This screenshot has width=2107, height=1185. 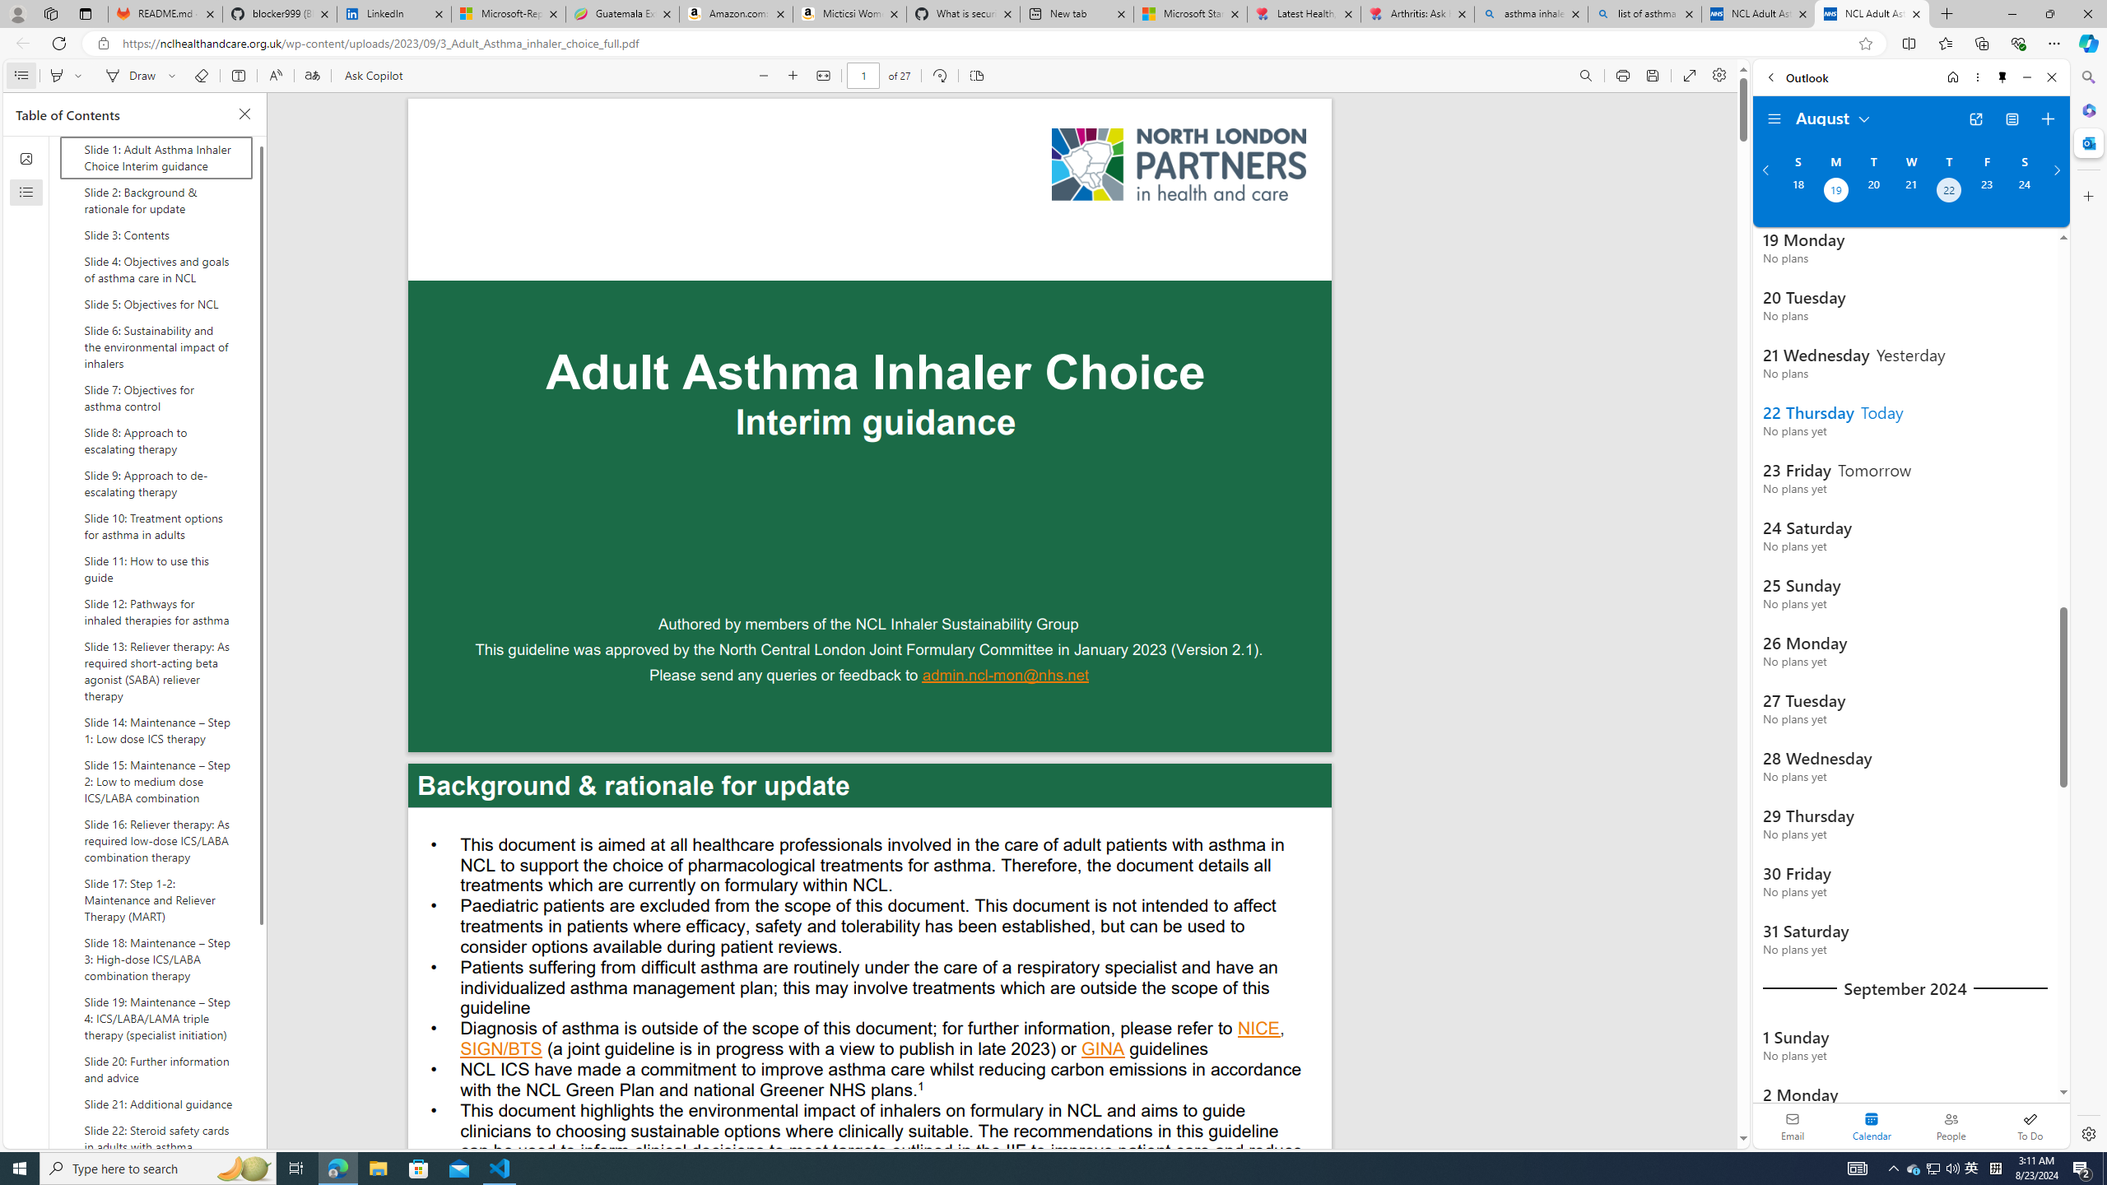 I want to click on 'Read aloud', so click(x=275, y=75).